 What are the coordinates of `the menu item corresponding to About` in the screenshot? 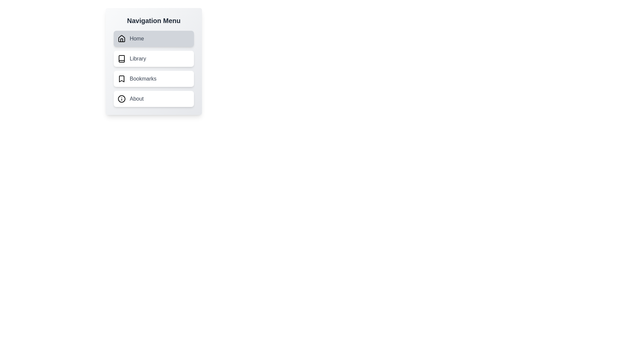 It's located at (153, 99).